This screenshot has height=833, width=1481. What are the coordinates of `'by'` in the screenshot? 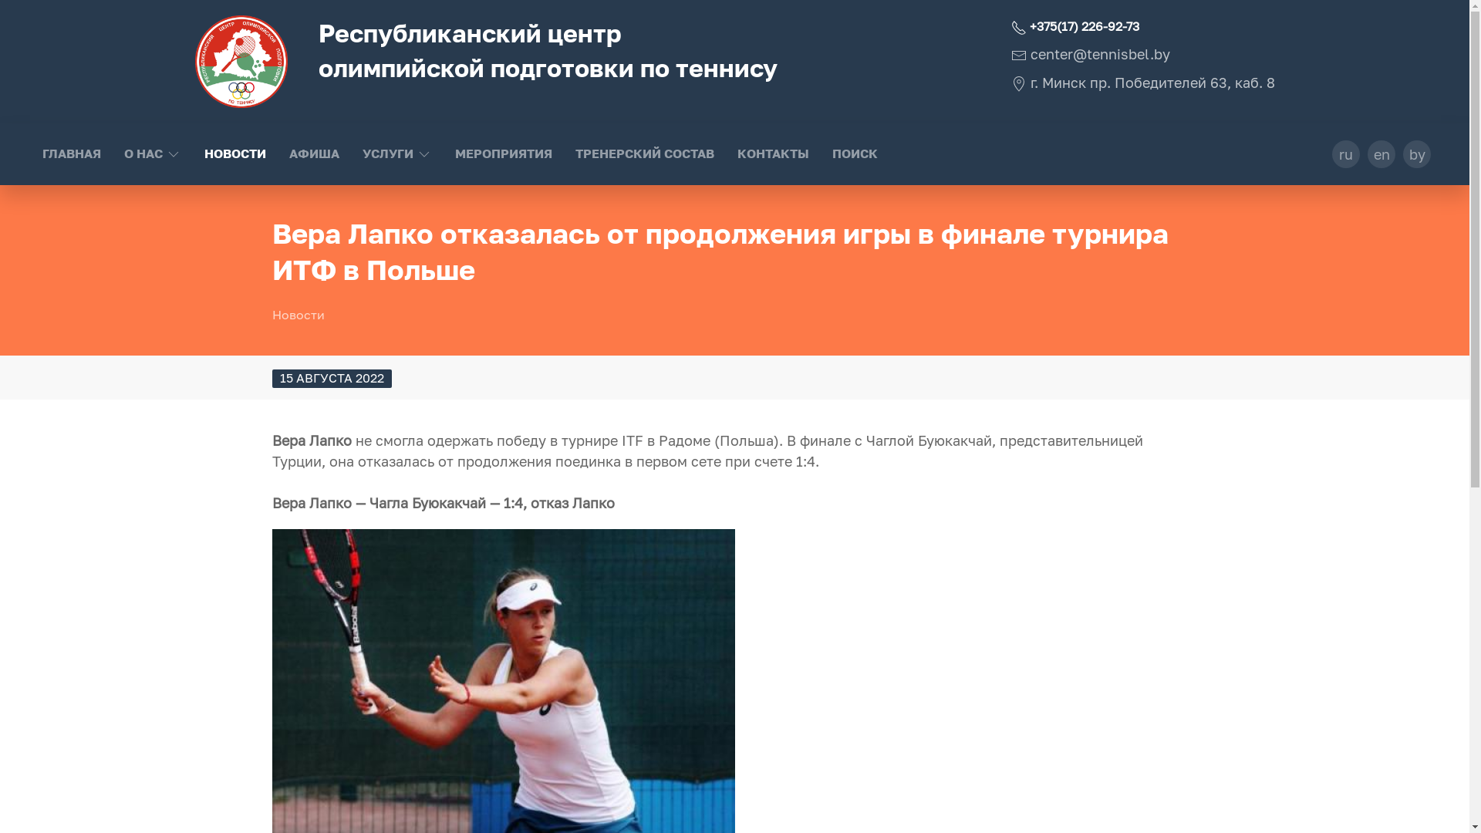 It's located at (1417, 154).